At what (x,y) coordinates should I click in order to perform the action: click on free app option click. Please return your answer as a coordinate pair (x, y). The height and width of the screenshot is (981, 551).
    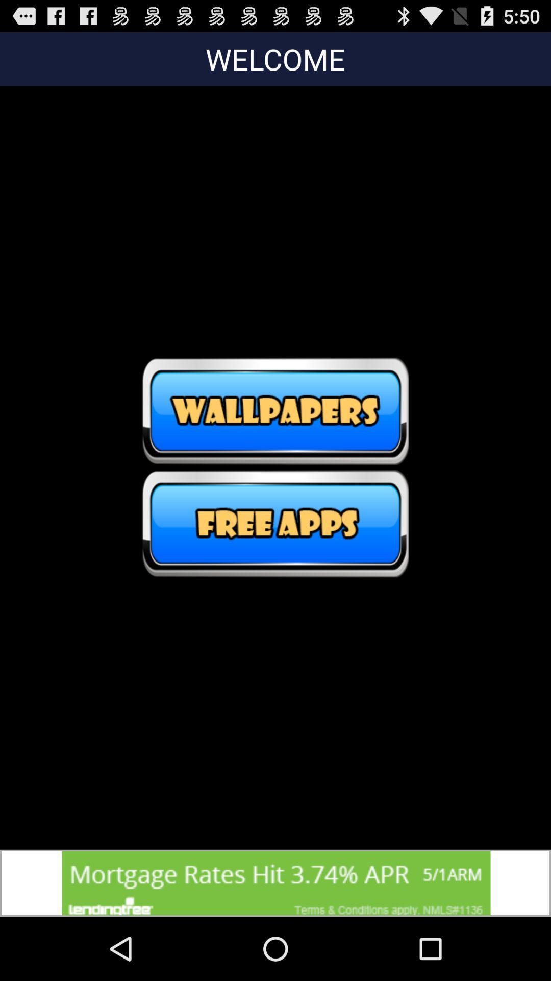
    Looking at the image, I should click on (275, 524).